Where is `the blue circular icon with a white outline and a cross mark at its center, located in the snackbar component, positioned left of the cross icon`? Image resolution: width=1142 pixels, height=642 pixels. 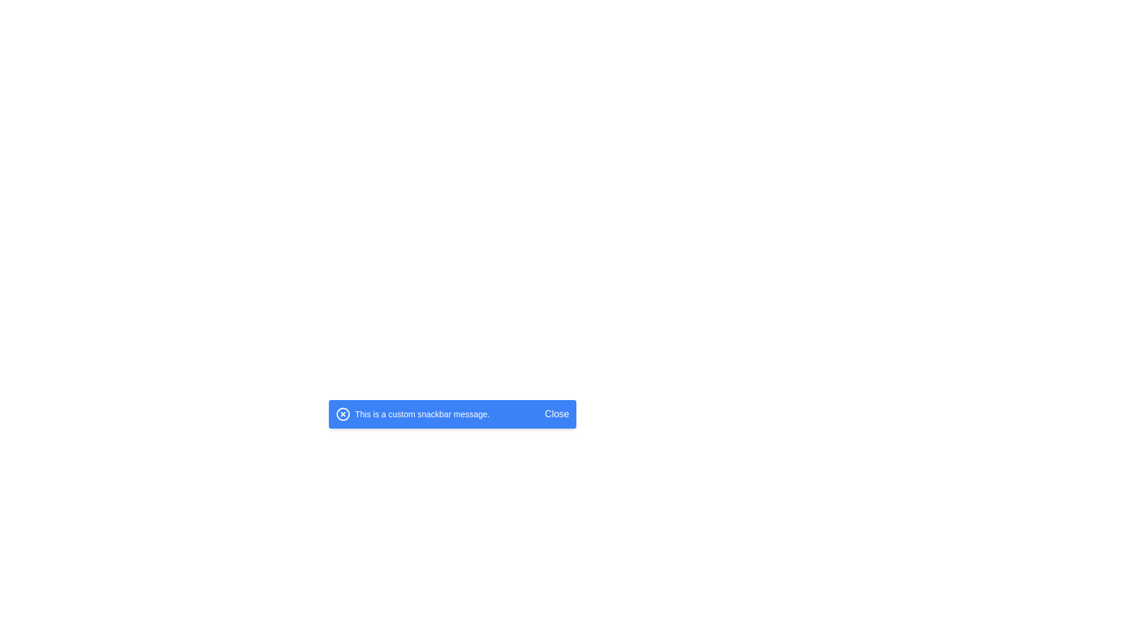 the blue circular icon with a white outline and a cross mark at its center, located in the snackbar component, positioned left of the cross icon is located at coordinates (342, 414).